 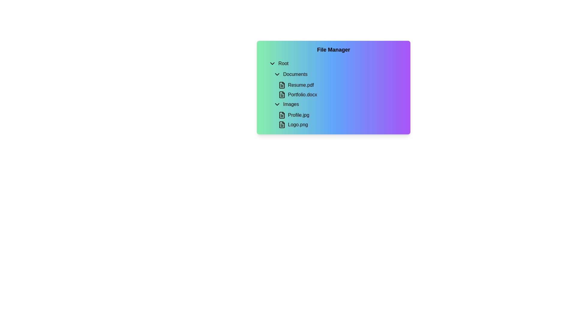 What do you see at coordinates (291, 104) in the screenshot?
I see `the 'Images' text label in the file manager interface` at bounding box center [291, 104].